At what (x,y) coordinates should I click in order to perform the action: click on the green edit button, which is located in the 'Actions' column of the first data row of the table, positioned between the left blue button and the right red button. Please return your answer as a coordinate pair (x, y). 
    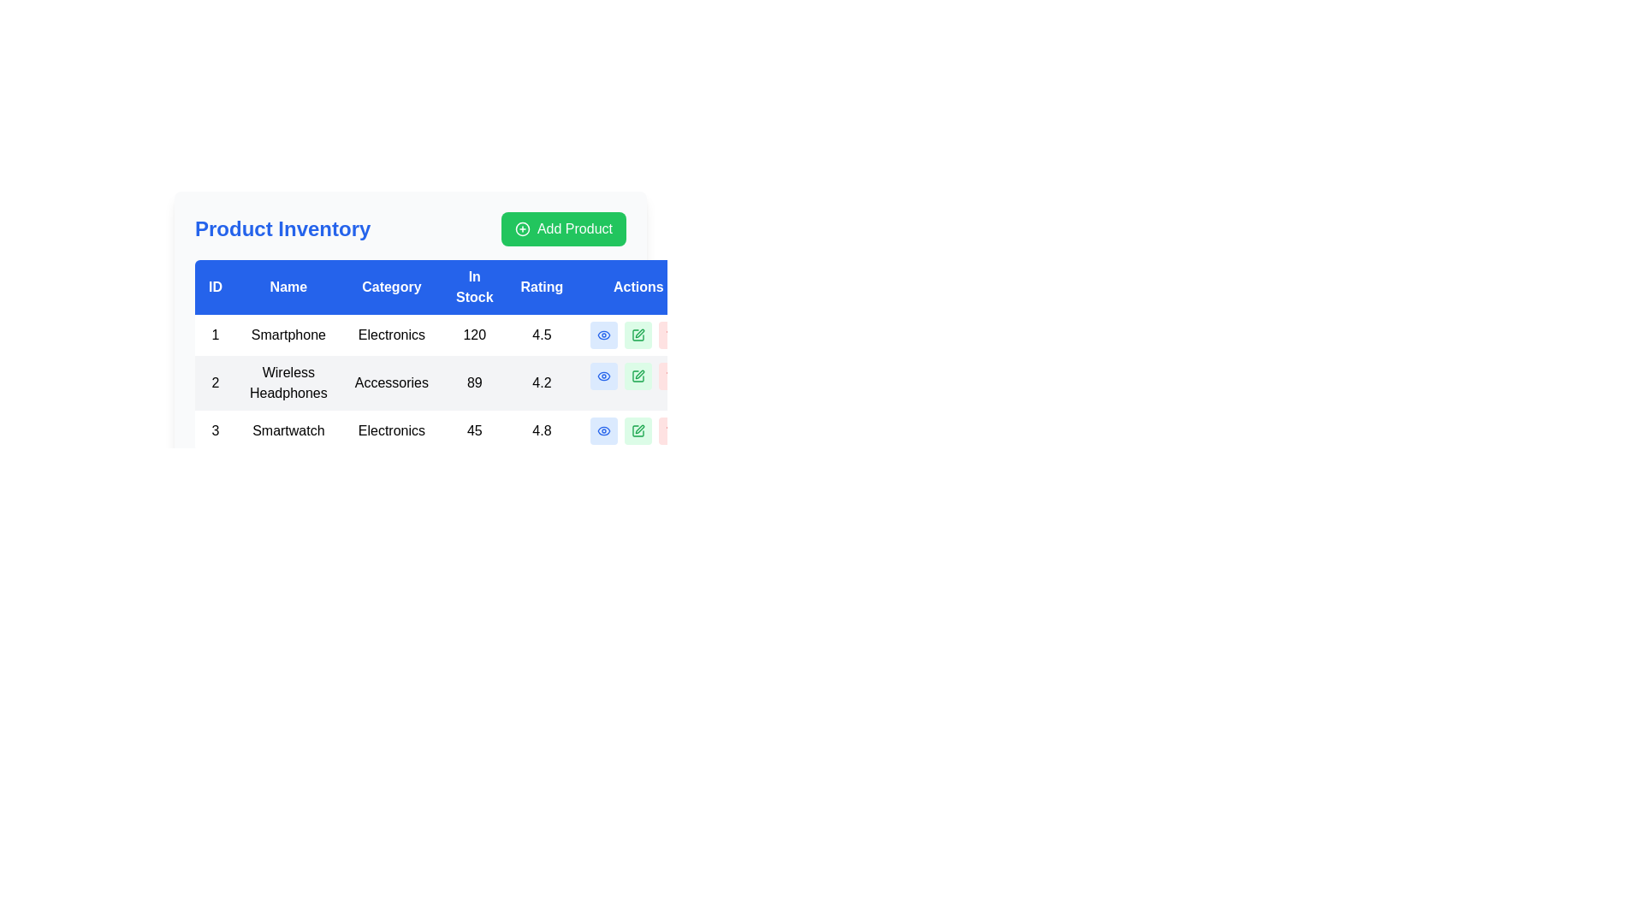
    Looking at the image, I should click on (638, 335).